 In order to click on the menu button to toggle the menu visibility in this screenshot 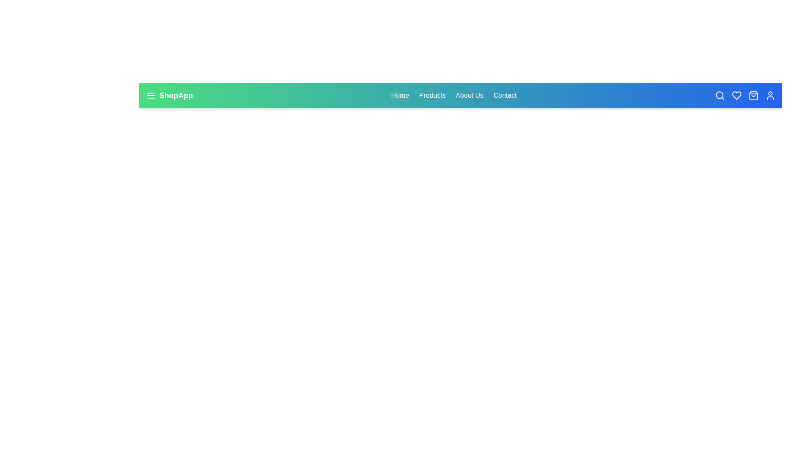, I will do `click(151, 95)`.